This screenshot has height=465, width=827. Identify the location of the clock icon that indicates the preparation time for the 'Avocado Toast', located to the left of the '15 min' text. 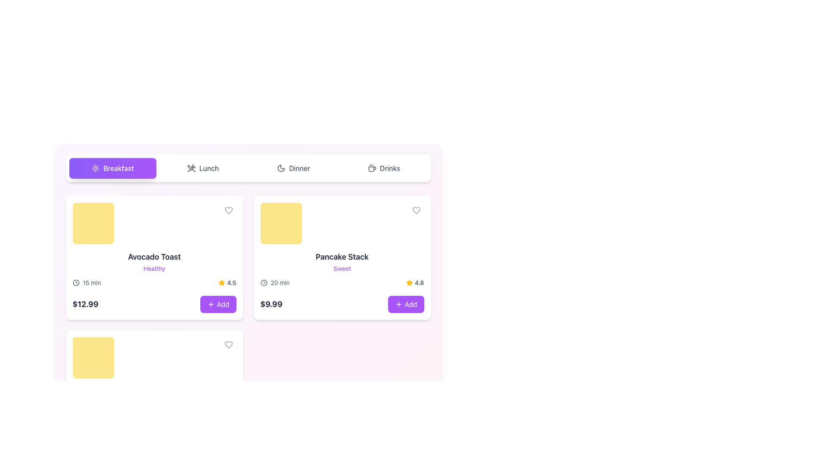
(76, 282).